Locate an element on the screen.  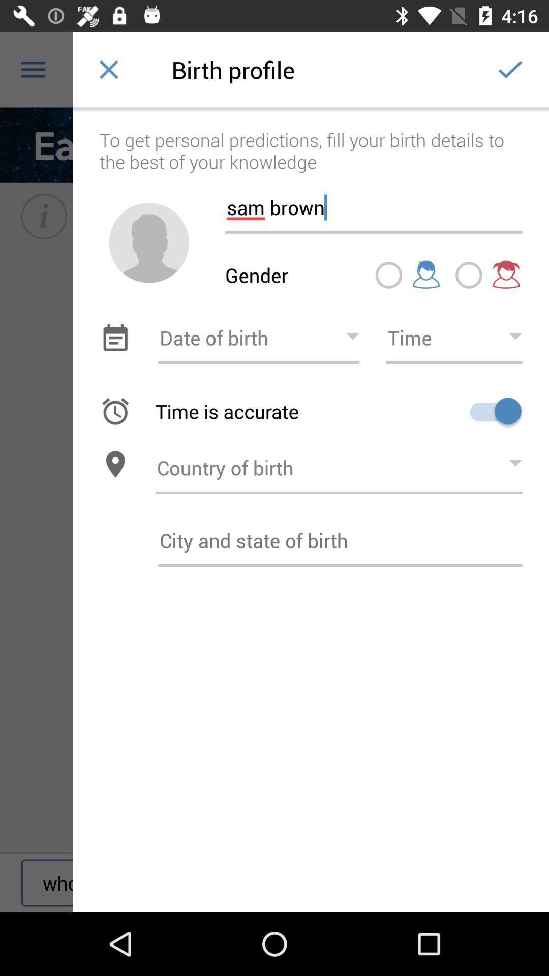
the item to the left of sam brown item is located at coordinates (149, 242).